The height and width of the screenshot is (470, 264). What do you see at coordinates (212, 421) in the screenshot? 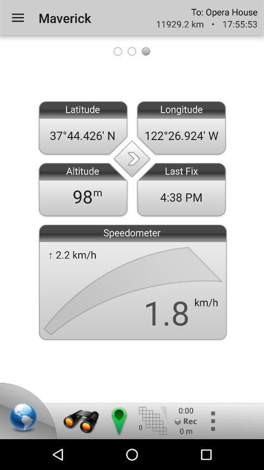
I see `additional options for gps` at bounding box center [212, 421].